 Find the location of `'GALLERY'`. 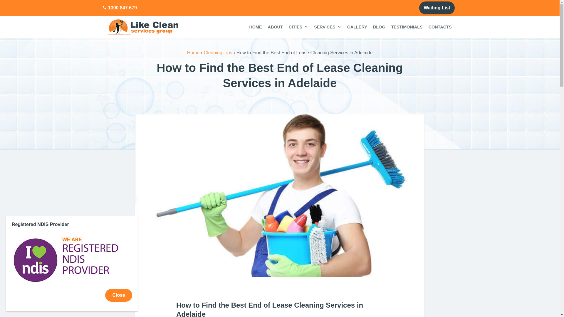

'GALLERY' is located at coordinates (357, 27).